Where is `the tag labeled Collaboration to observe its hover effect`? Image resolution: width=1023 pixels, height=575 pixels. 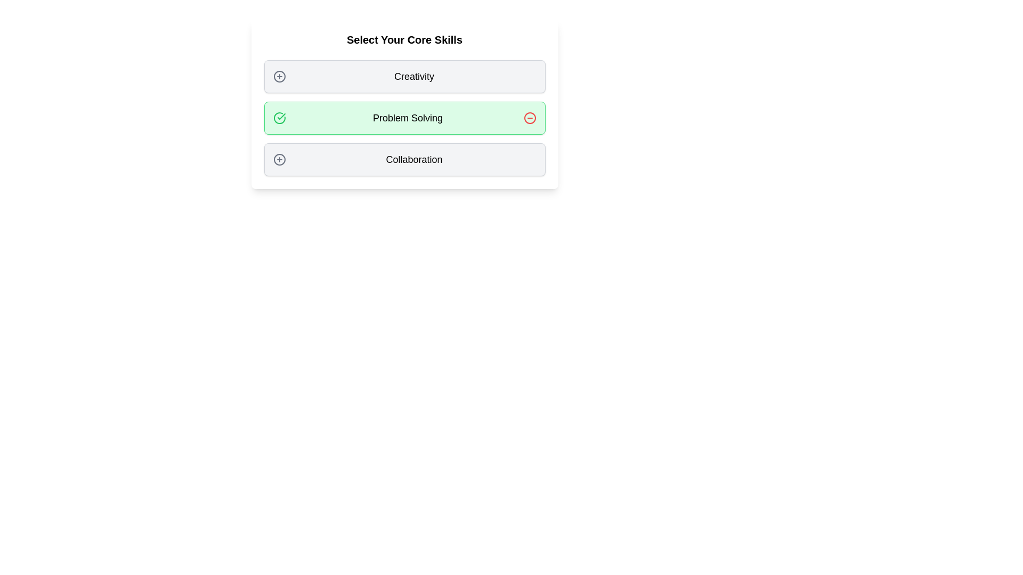
the tag labeled Collaboration to observe its hover effect is located at coordinates (404, 160).